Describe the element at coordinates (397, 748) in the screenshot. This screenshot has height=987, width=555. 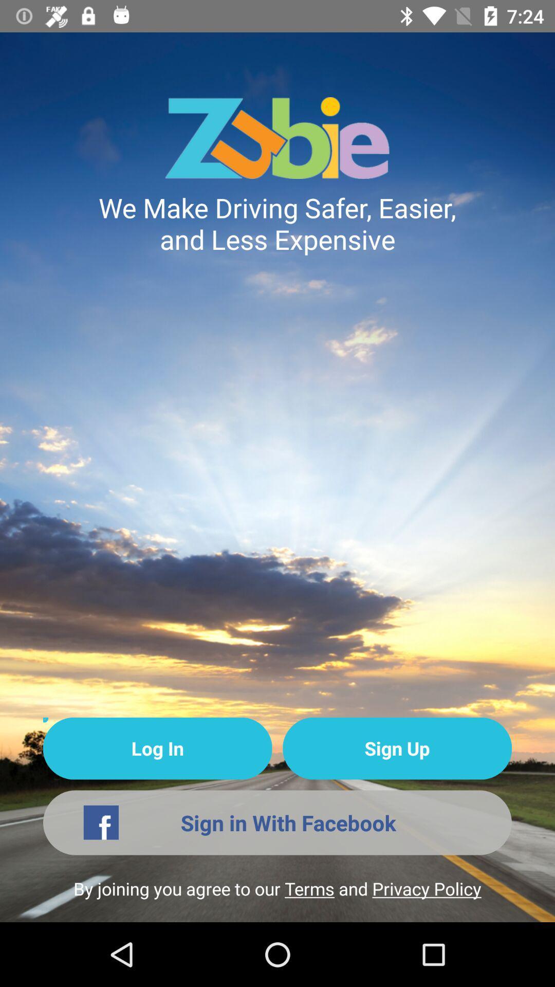
I see `the sign up item` at that location.